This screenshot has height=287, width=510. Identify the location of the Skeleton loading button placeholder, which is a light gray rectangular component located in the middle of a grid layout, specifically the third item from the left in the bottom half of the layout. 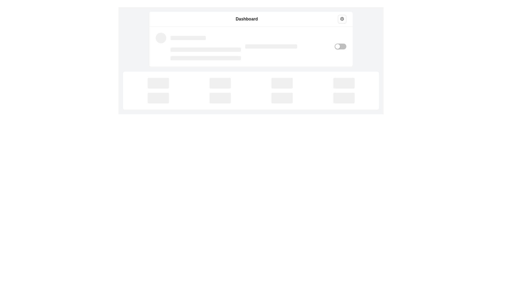
(282, 83).